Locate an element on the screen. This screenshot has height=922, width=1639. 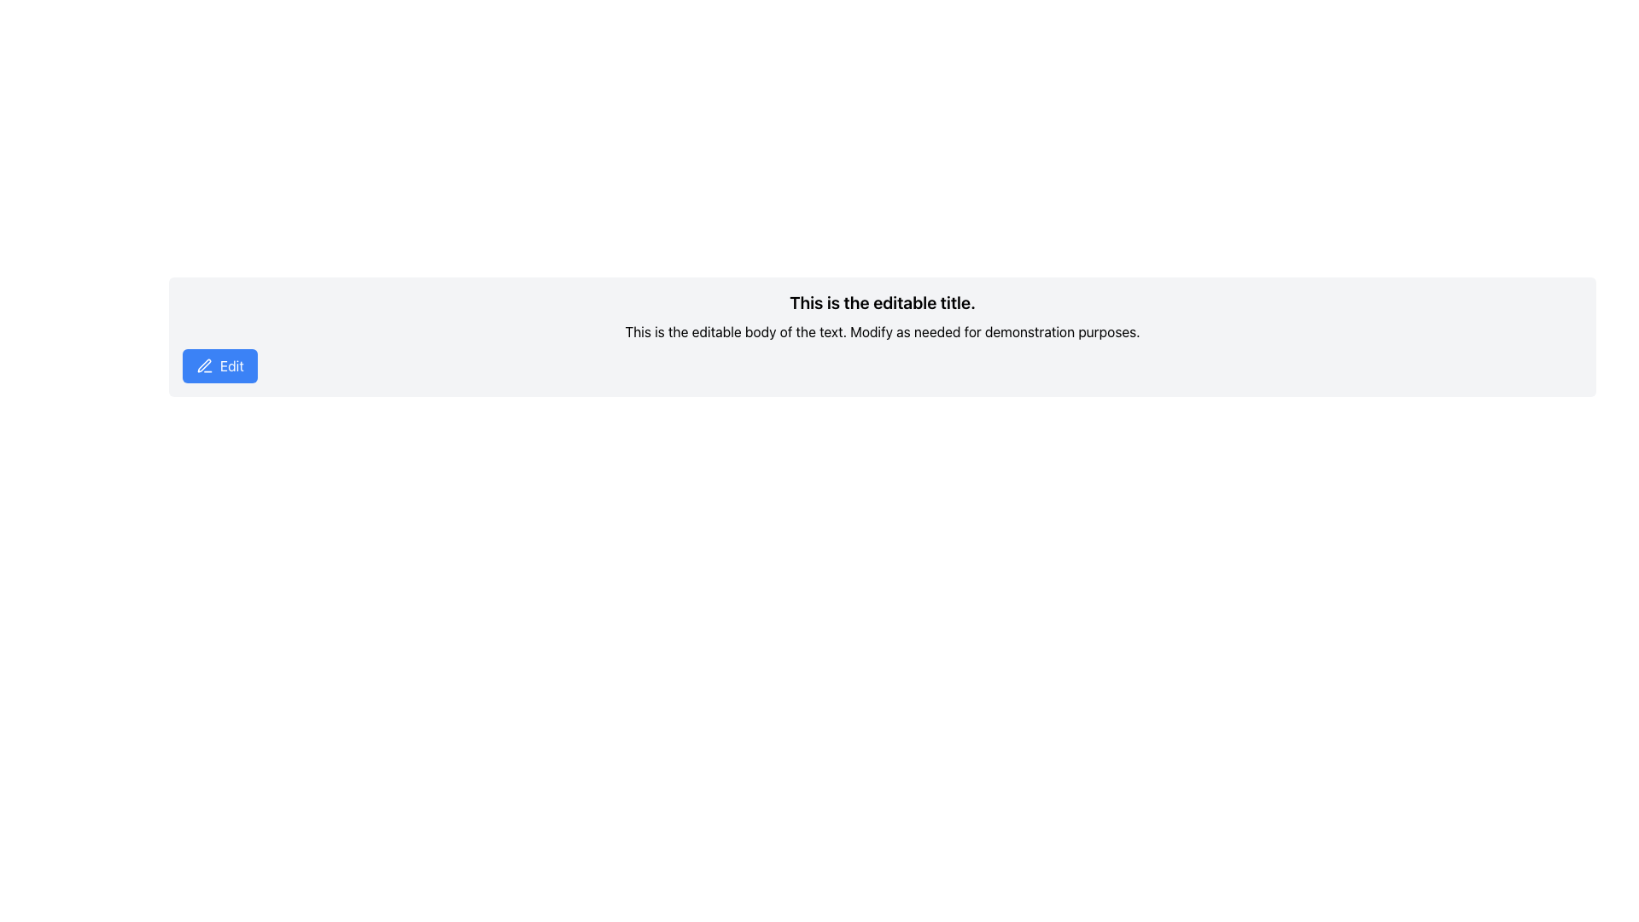
the button with a blue background and rounded corners labeled 'Edit' is located at coordinates (219, 365).